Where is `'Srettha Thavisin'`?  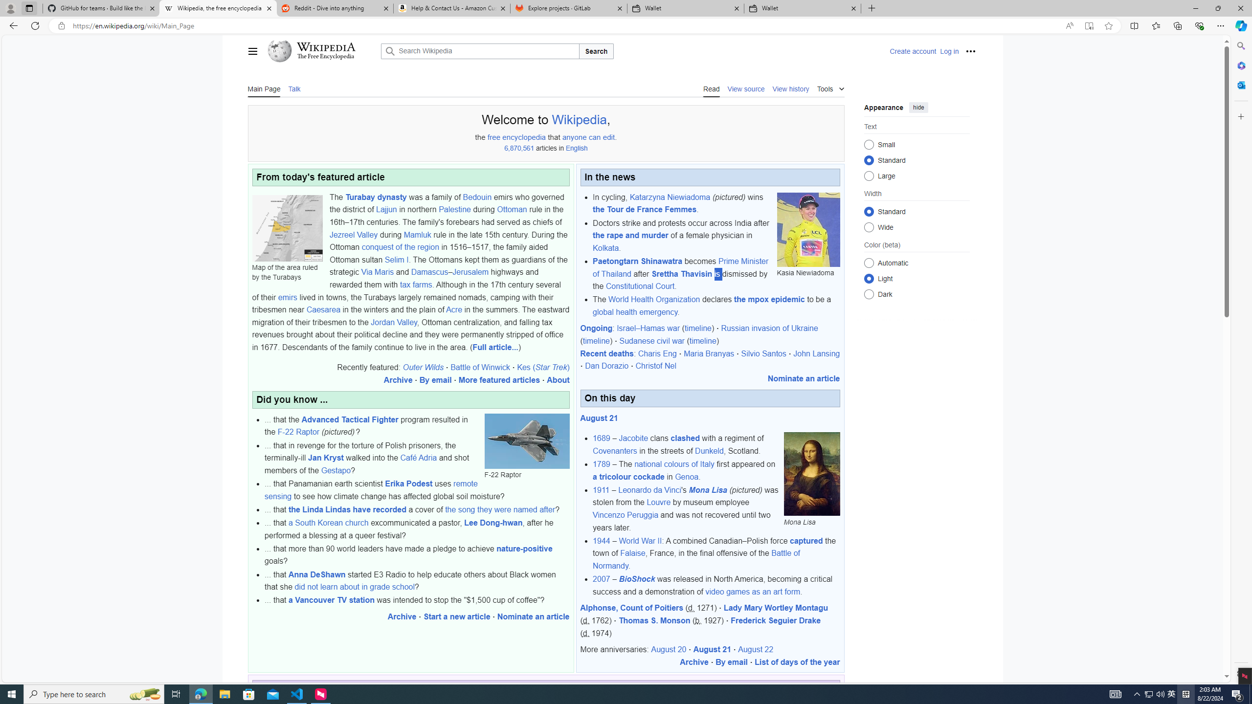 'Srettha Thavisin' is located at coordinates (681, 273).